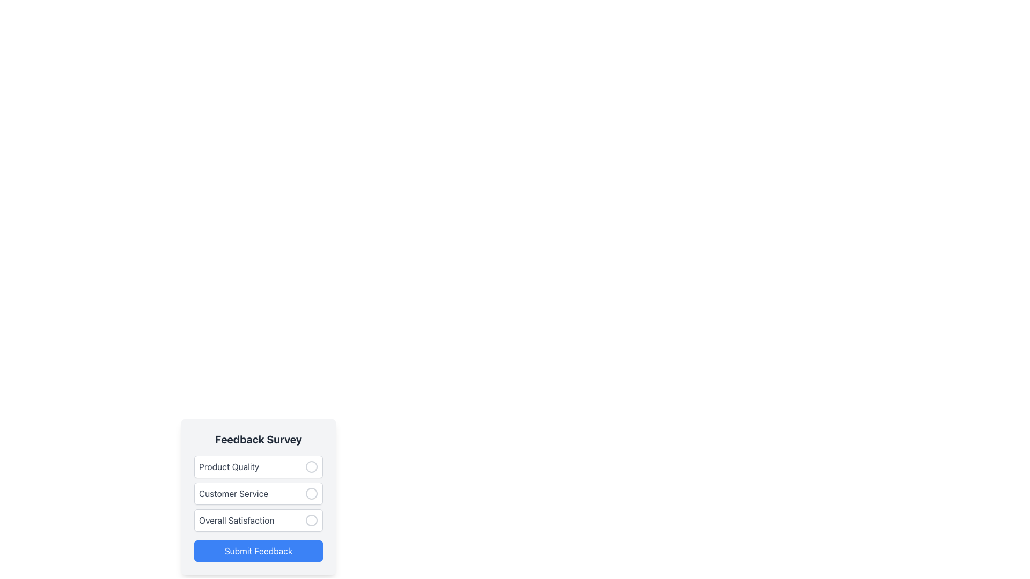 Image resolution: width=1030 pixels, height=579 pixels. I want to click on the 'Overall Satisfaction' text label, which is styled in gray and bold sans-serif font within the feedback survey form, located as the third option in a vertical list, so click(236, 520).